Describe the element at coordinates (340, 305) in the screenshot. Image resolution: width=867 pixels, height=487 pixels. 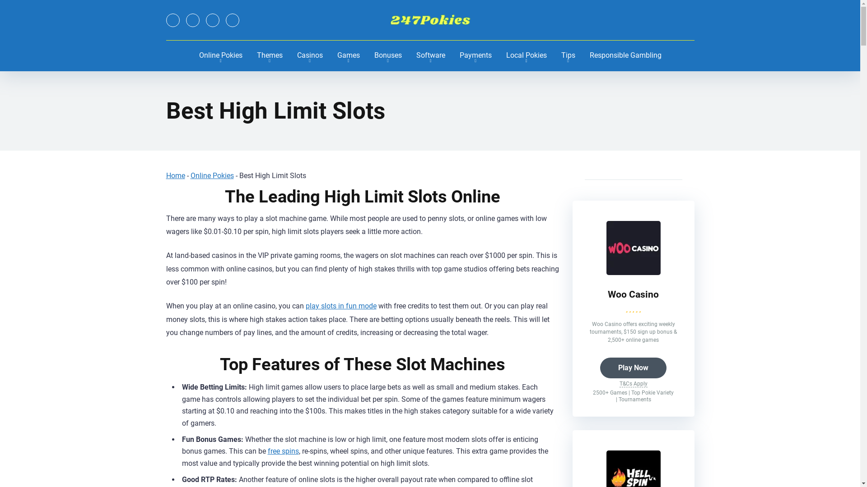
I see `'play slots in fun mode'` at that location.